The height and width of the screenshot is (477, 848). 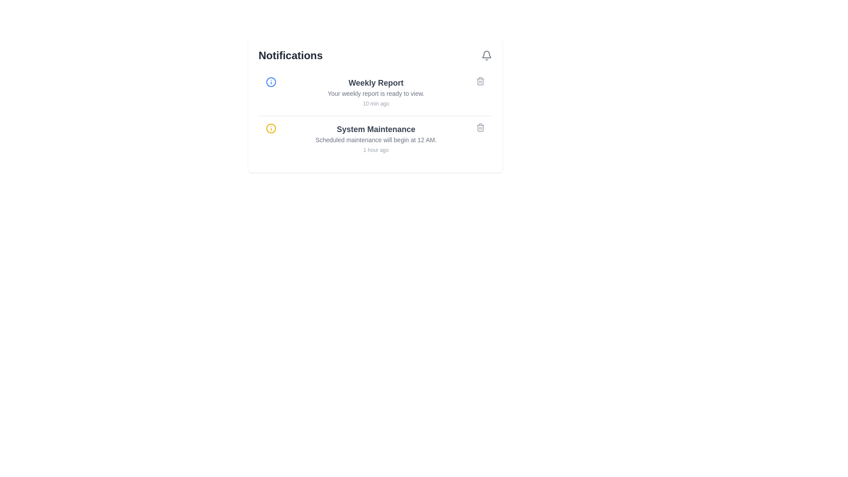 What do you see at coordinates (270, 82) in the screenshot?
I see `the Circle element within the SVG graphic that is part of an information or alert icon, located above the 'Weekly Report' text` at bounding box center [270, 82].